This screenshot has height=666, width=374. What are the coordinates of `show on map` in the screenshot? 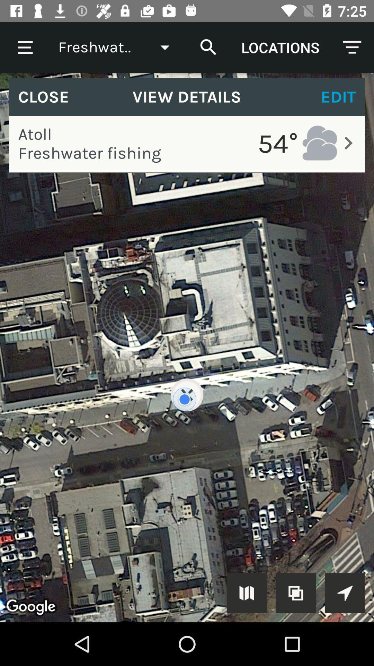 It's located at (246, 592).